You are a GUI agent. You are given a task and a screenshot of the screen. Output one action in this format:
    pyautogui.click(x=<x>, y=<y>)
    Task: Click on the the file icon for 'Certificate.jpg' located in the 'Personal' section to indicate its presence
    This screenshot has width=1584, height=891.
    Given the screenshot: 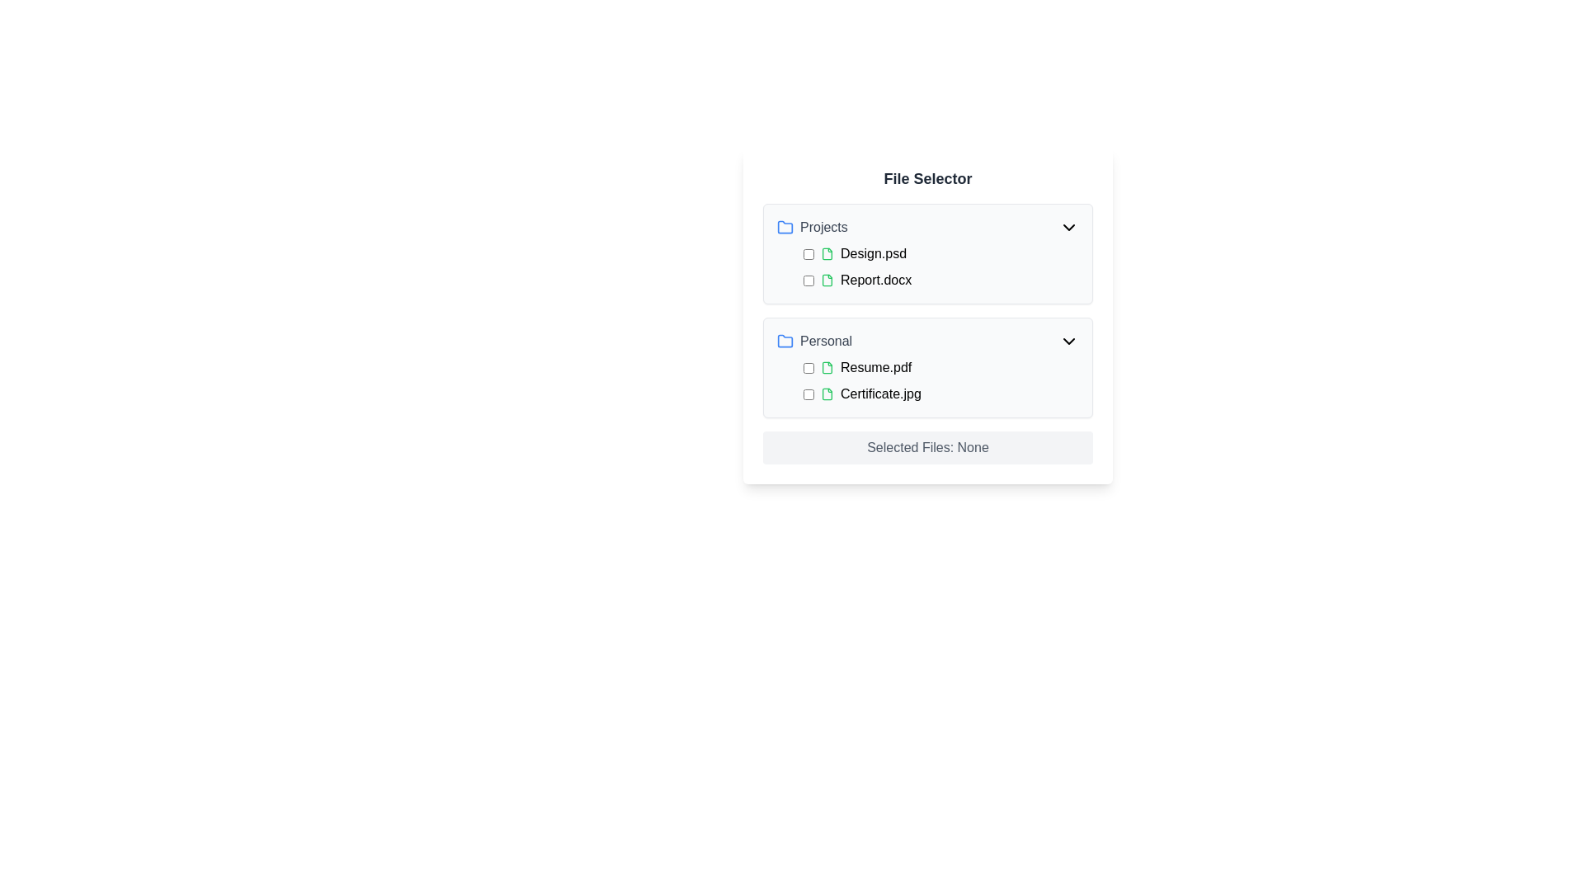 What is the action you would take?
    pyautogui.click(x=827, y=394)
    